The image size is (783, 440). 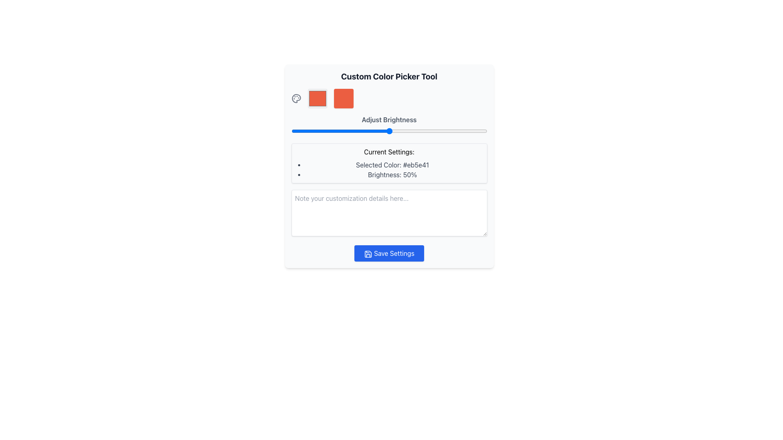 What do you see at coordinates (367, 253) in the screenshot?
I see `the small floppy disk shaped save icon located on the left side of the blue button labeled 'Save Settings'` at bounding box center [367, 253].